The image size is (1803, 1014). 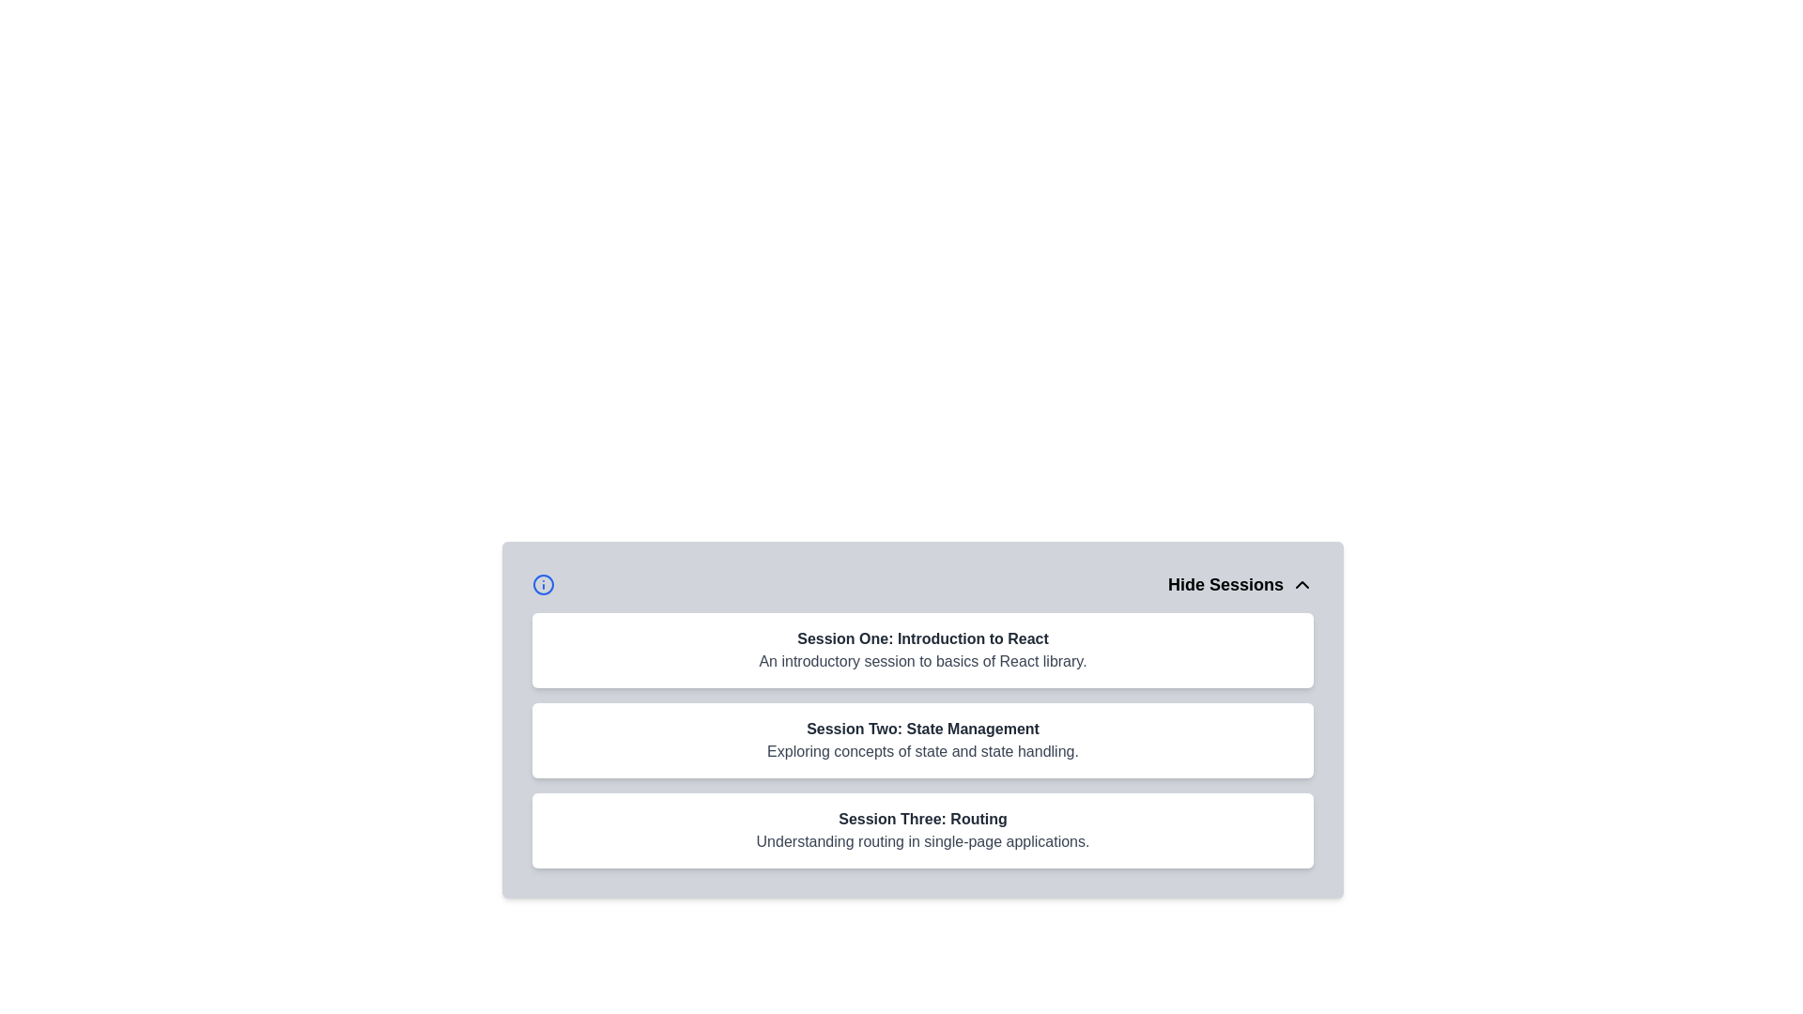 What do you see at coordinates (923, 661) in the screenshot?
I see `the static text label that provides an overview about the session titled 'Session One: Introduction to React', located directly below the heading in the top central portion of the interface` at bounding box center [923, 661].